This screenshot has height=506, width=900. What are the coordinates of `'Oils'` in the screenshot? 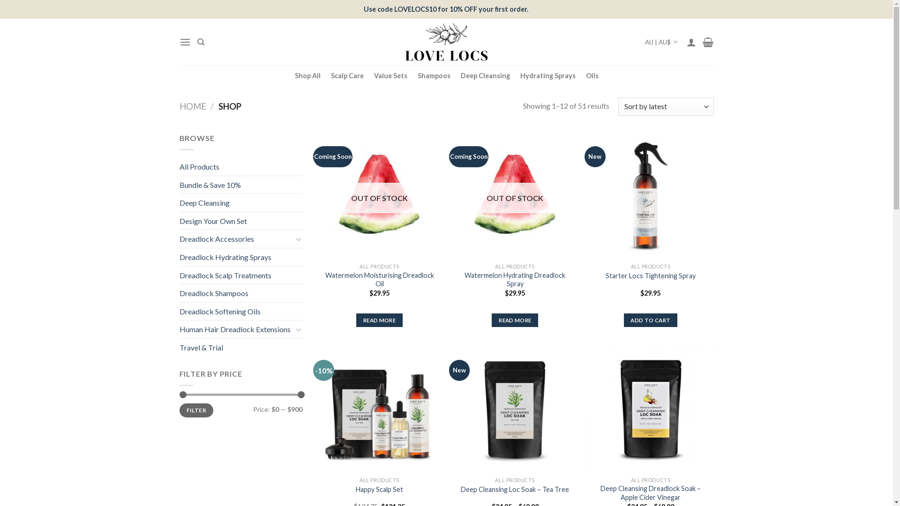 It's located at (592, 75).